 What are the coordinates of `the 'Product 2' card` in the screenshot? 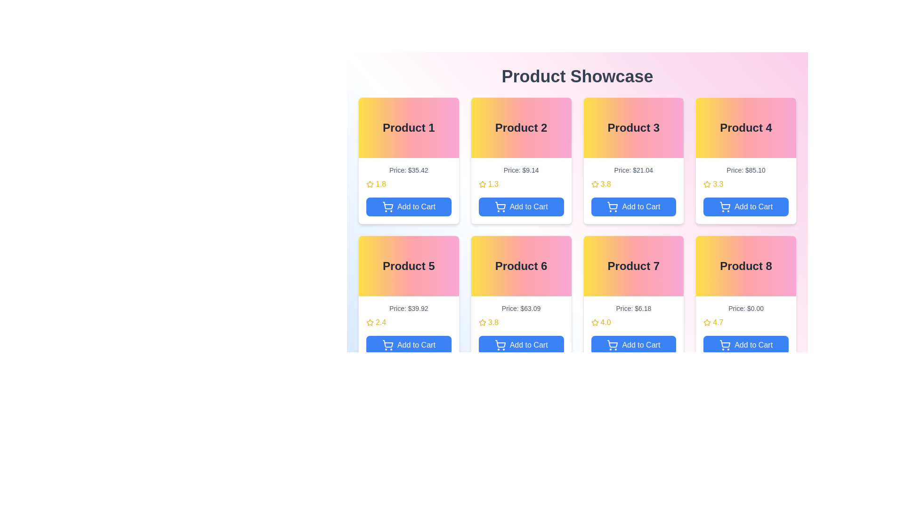 It's located at (521, 160).